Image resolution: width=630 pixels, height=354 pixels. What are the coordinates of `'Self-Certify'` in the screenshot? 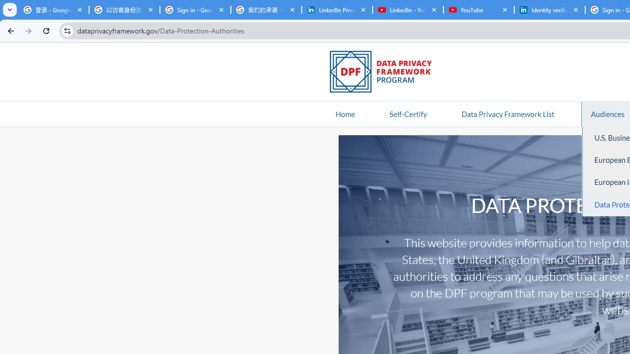 It's located at (408, 113).